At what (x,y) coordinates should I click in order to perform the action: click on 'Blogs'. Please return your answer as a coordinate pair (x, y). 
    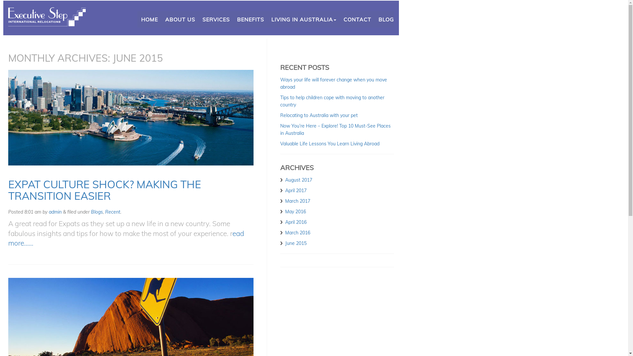
    Looking at the image, I should click on (96, 212).